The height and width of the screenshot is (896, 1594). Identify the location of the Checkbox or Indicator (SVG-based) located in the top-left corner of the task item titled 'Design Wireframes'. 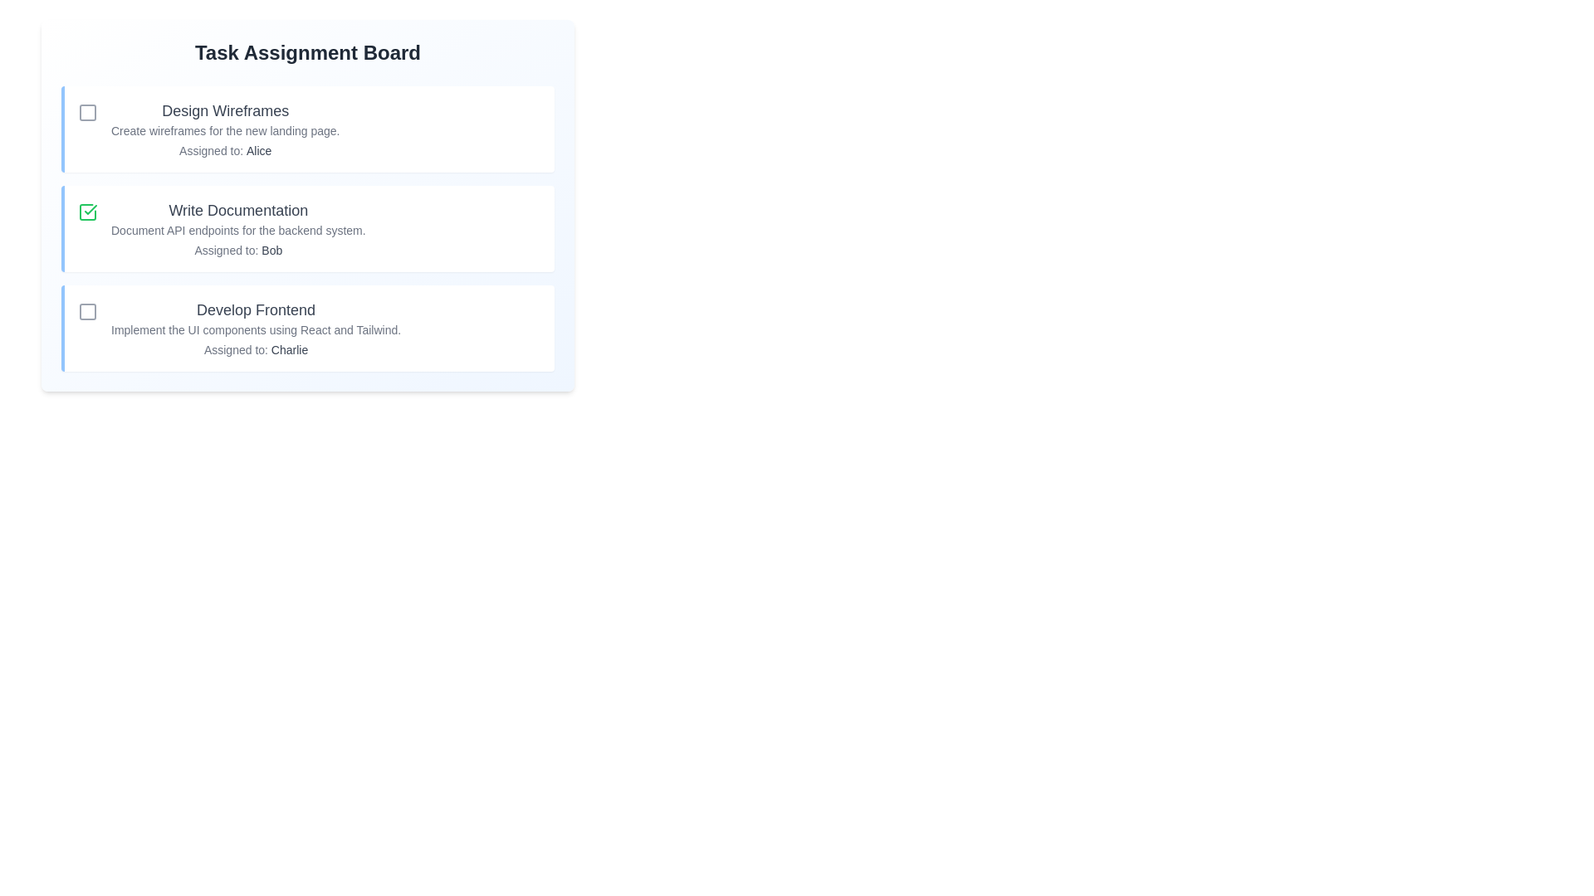
(86, 112).